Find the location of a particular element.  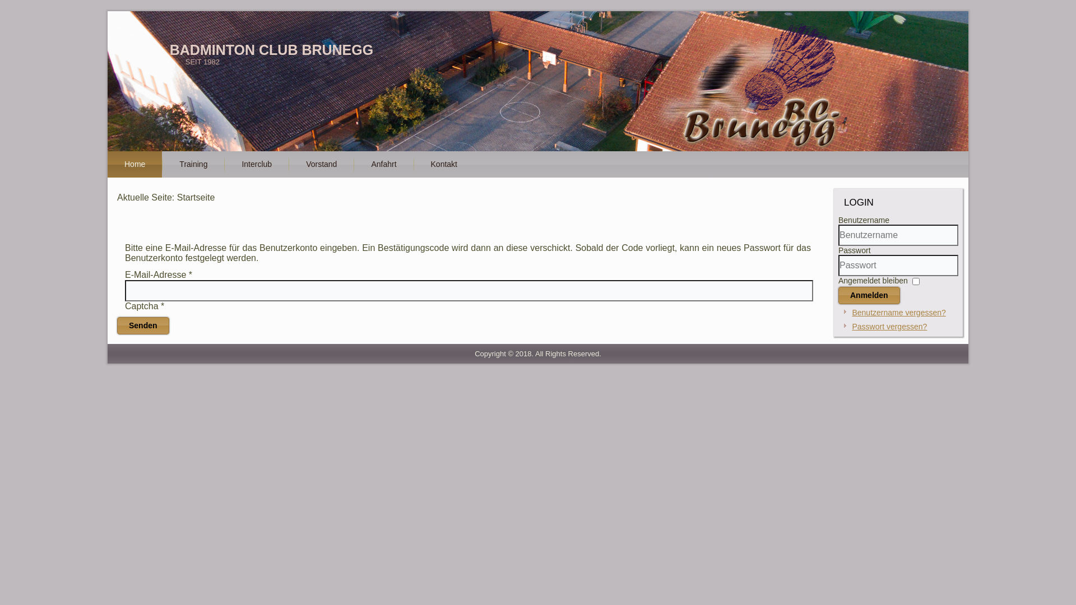

'Benutzername vergessen?' is located at coordinates (852, 313).